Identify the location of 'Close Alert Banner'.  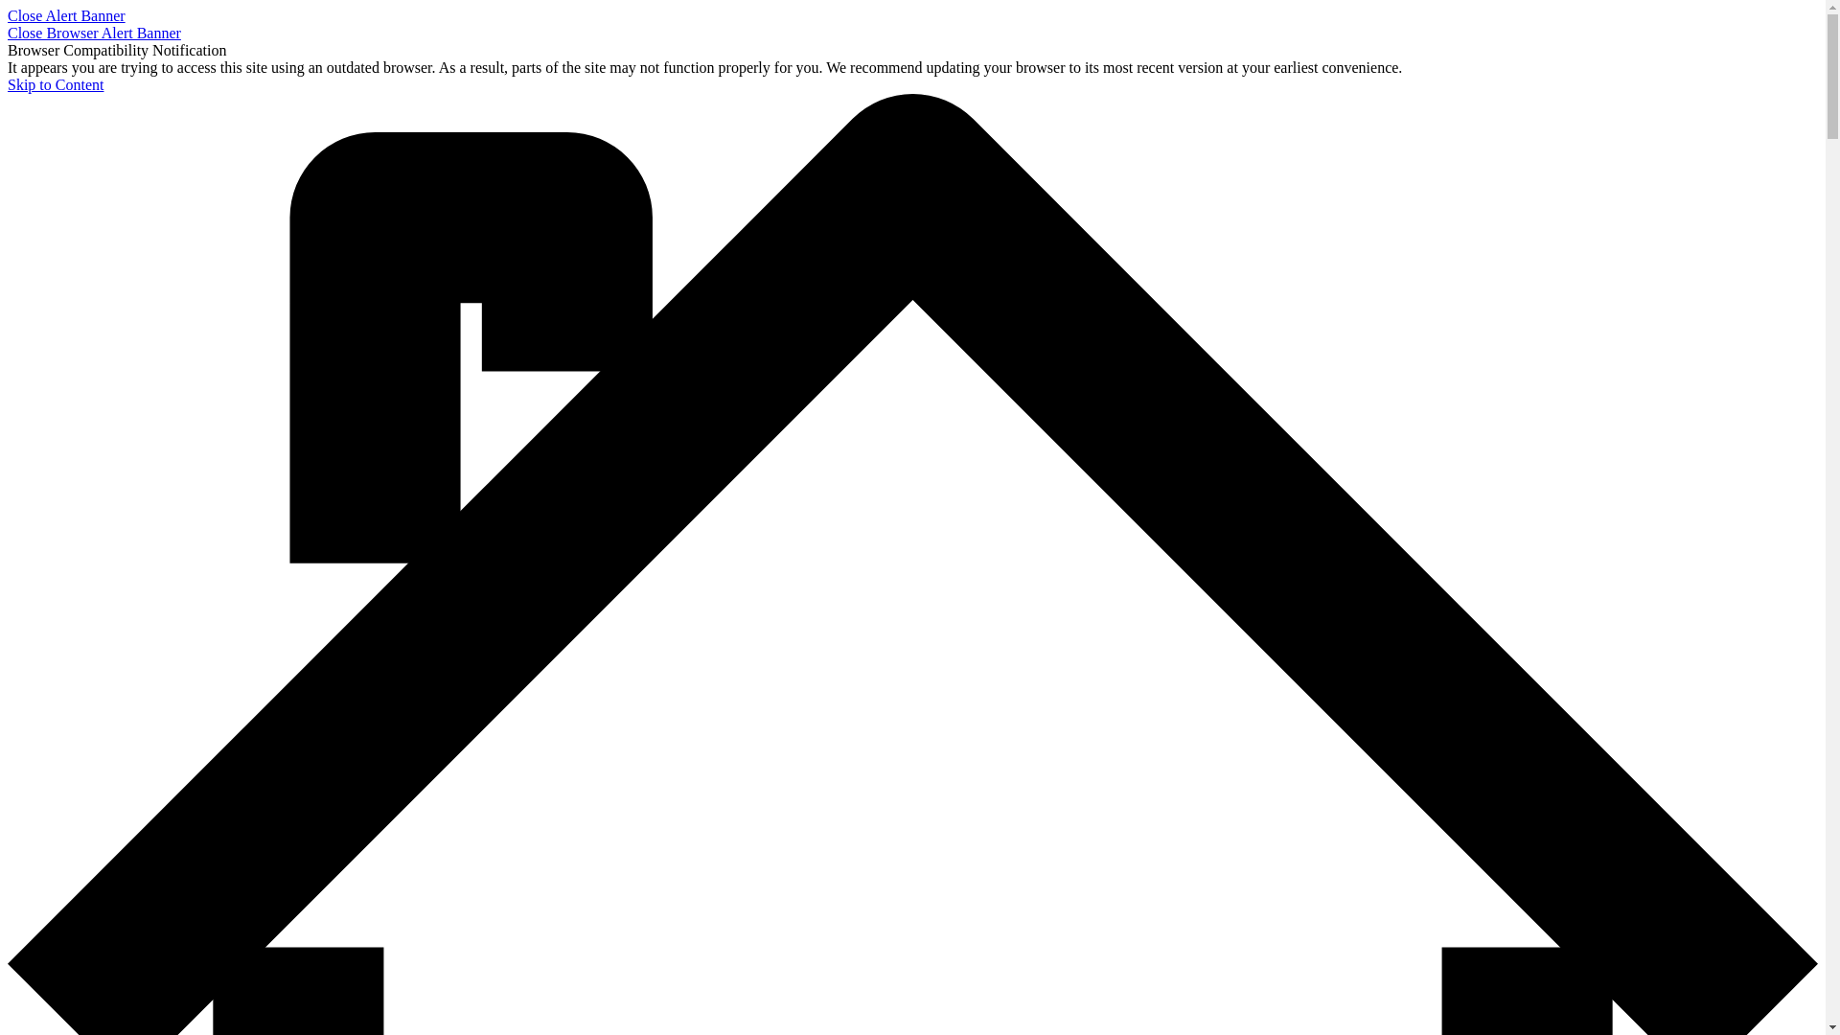
(8, 15).